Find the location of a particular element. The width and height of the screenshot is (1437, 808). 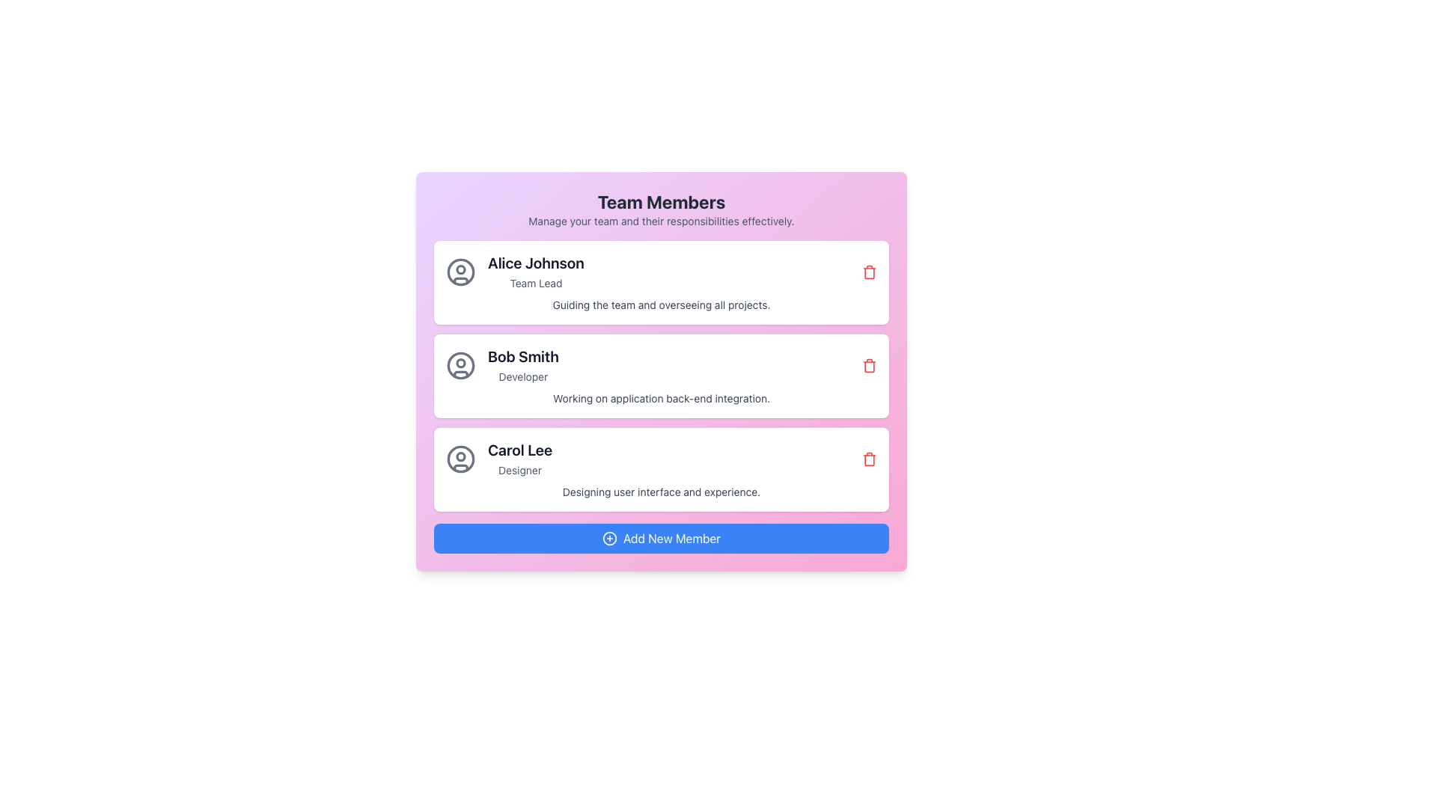

the text element displaying 'Carol Lee', which is the name of a team member in bold, located in the third card of the list, above the smaller text 'Designer' is located at coordinates (520, 449).